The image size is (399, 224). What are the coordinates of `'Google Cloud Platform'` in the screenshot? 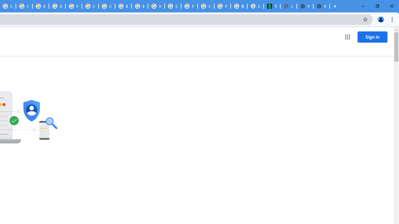 It's located at (107, 6).